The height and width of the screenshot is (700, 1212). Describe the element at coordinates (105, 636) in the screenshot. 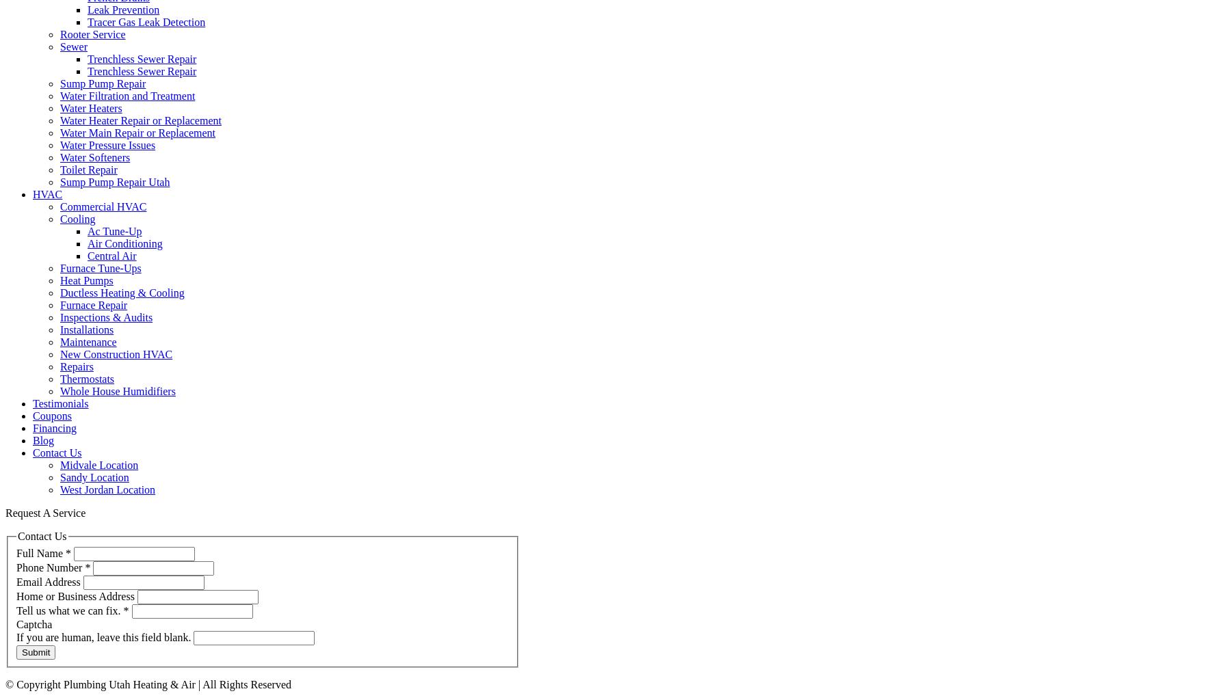

I see `'If you are human, leave this field blank.'` at that location.